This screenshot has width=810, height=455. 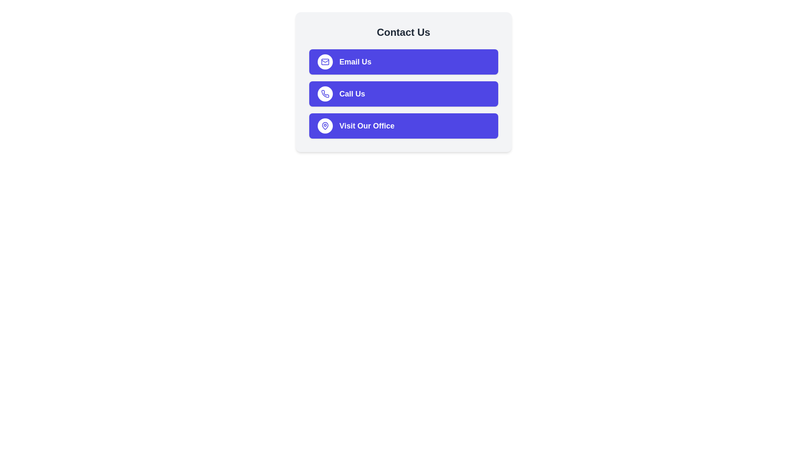 I want to click on the third button from the top in the vertically stacked list, which is associated with visiting the office, so click(x=403, y=126).